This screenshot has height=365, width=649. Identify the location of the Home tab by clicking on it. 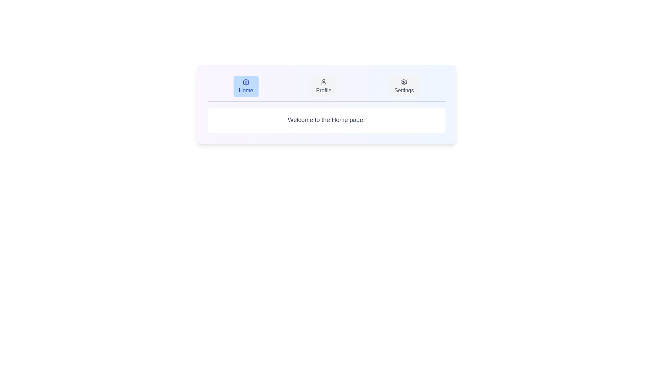
(245, 86).